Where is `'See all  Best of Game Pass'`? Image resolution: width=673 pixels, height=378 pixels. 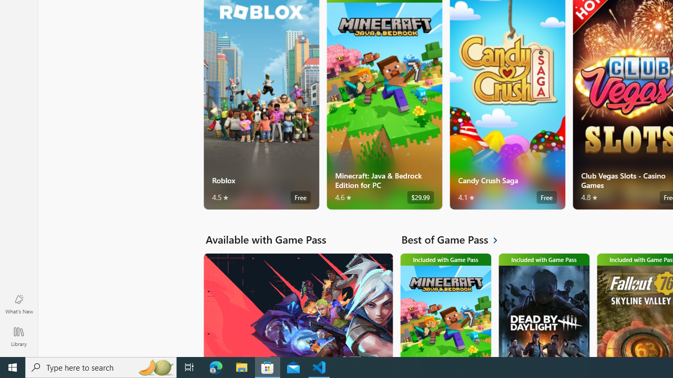 'See all  Best of Game Pass' is located at coordinates (455, 239).